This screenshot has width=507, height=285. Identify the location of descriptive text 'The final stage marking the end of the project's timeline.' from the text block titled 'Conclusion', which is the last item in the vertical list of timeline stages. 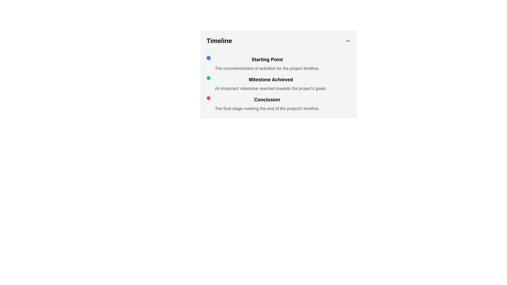
(278, 104).